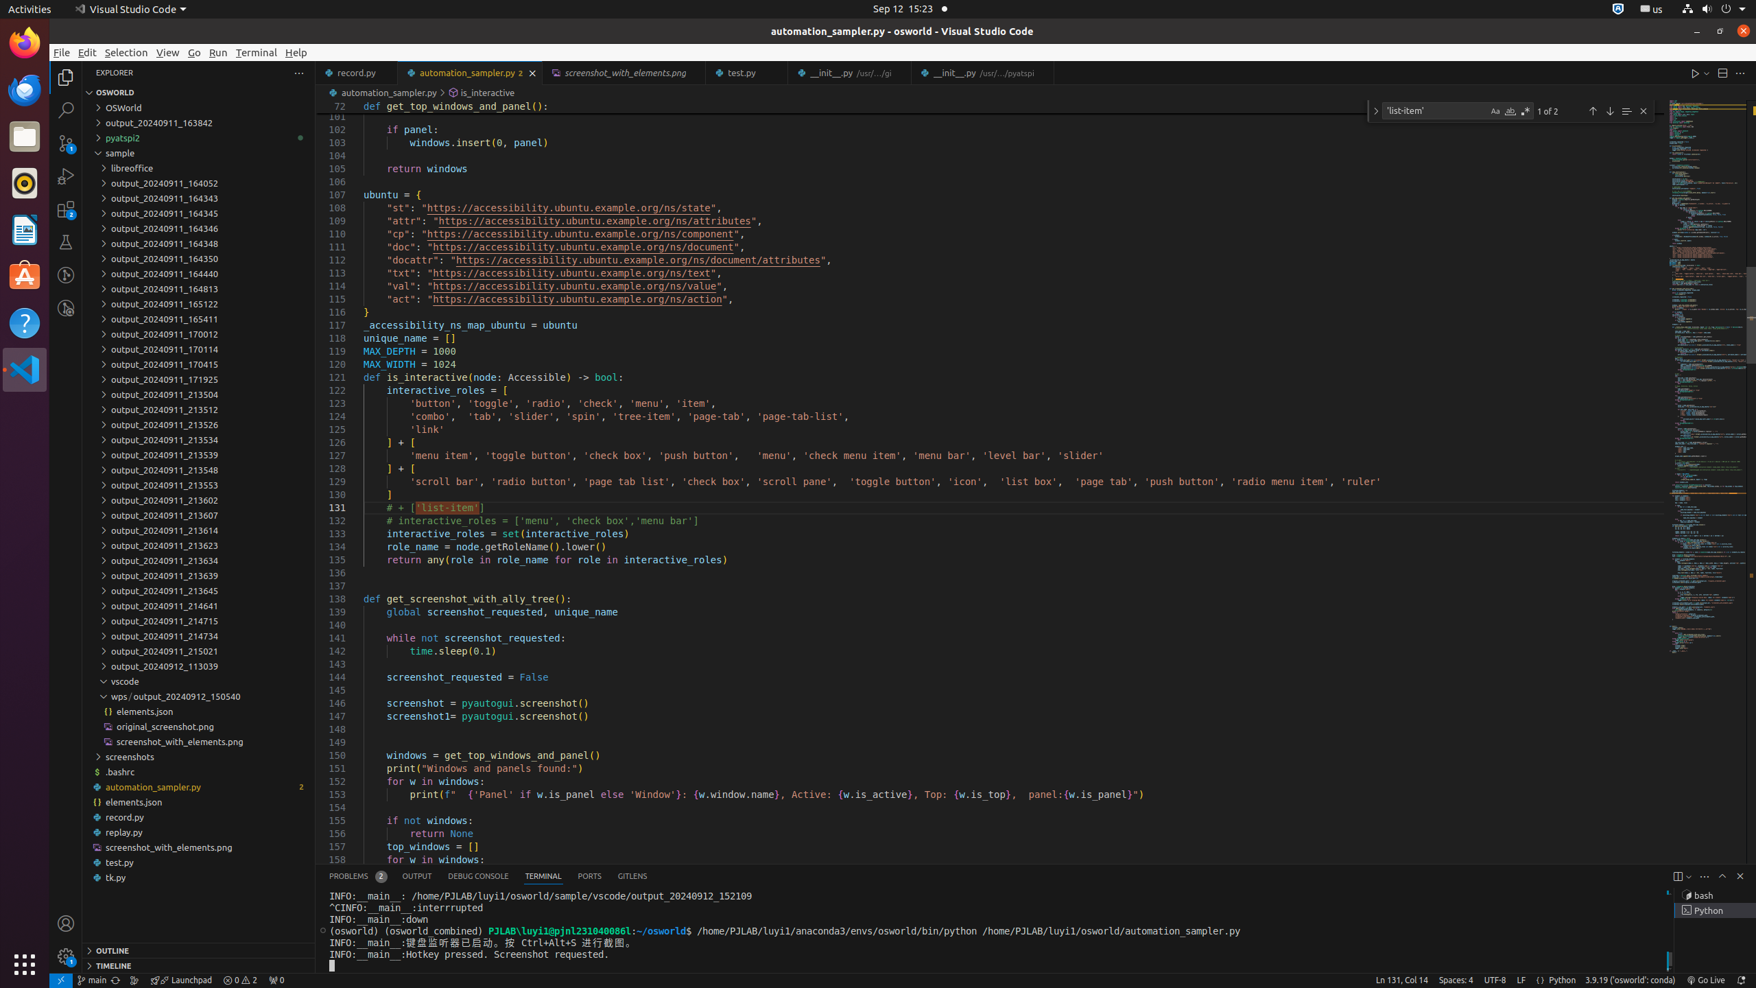  What do you see at coordinates (65, 208) in the screenshot?
I see `'Extensions (Ctrl+Shift+X) - 2 require update'` at bounding box center [65, 208].